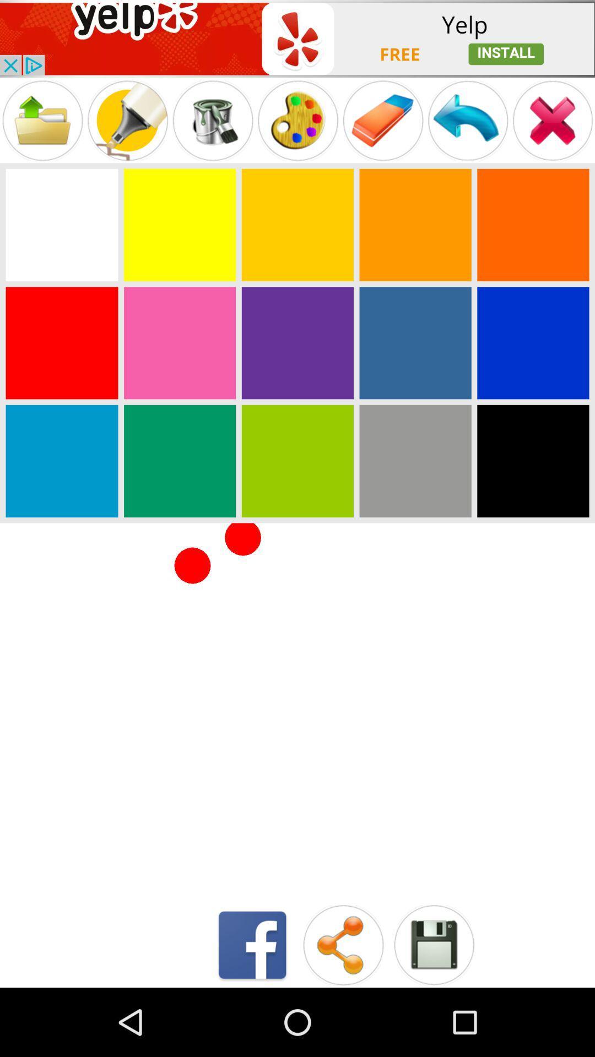  What do you see at coordinates (553, 121) in the screenshot?
I see `to cancel` at bounding box center [553, 121].